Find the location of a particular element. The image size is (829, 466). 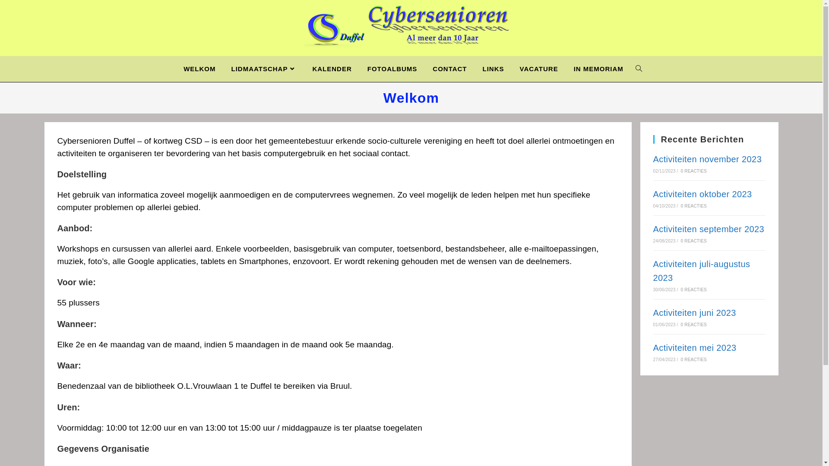

'0 REACTIES' is located at coordinates (694, 241).